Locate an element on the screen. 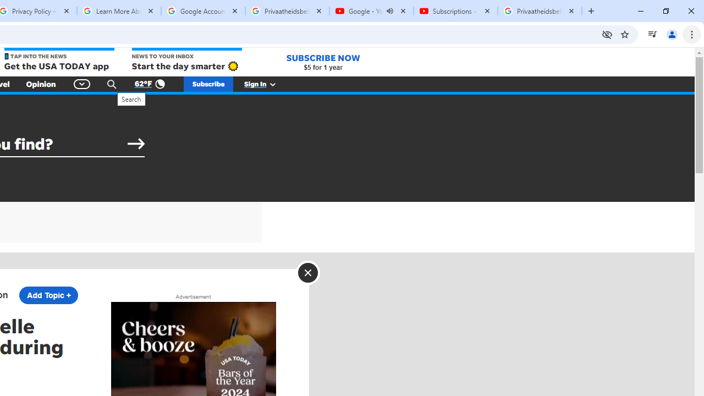 Image resolution: width=704 pixels, height=396 pixels. 'Google - YouTube - Audio playing' is located at coordinates (371, 11).